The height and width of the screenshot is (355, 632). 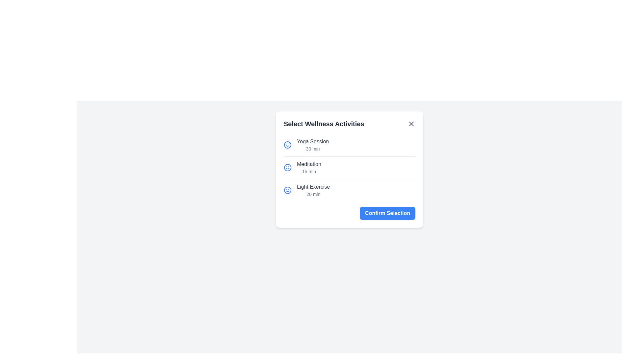 I want to click on the close button to dismiss the dialog, so click(x=411, y=124).